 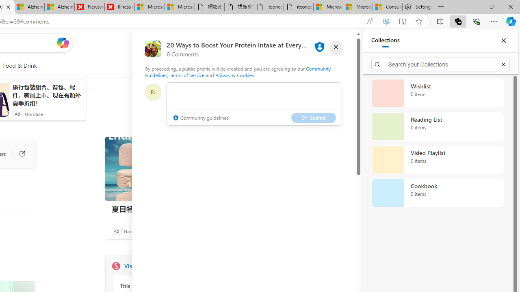 I want to click on 'Submit', so click(x=313, y=118).